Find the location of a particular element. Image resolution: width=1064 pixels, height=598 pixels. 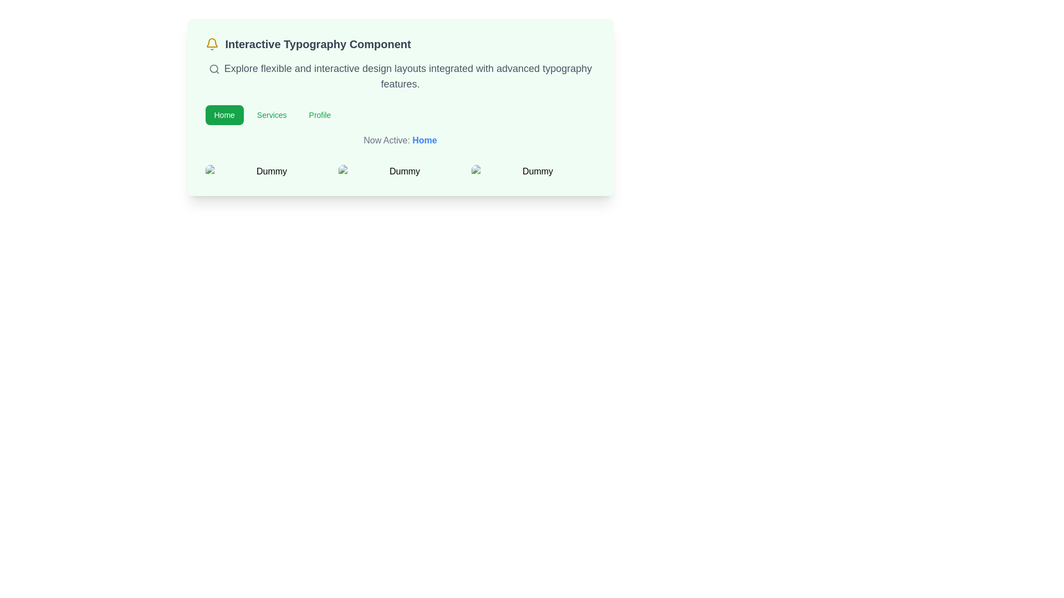

the 'Profile' button, which is the third button in a row of three buttons labeled 'Home', 'Services', and 'Profile' is located at coordinates (319, 115).